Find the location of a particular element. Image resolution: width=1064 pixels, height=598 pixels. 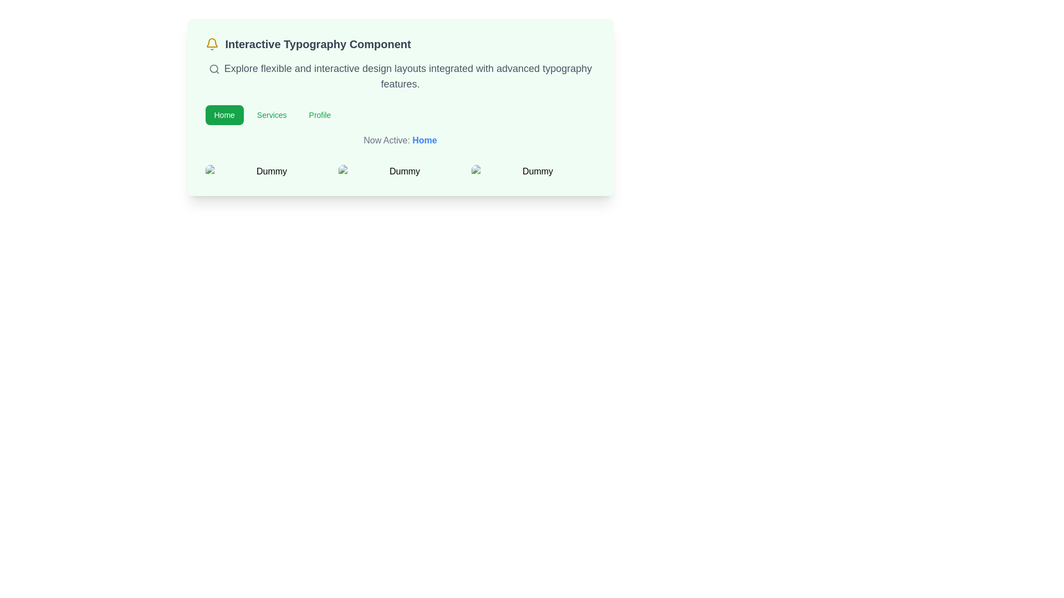

the 'Profile' button, which is the third button in a row of three buttons labeled 'Home', 'Services', and 'Profile' is located at coordinates (319, 115).